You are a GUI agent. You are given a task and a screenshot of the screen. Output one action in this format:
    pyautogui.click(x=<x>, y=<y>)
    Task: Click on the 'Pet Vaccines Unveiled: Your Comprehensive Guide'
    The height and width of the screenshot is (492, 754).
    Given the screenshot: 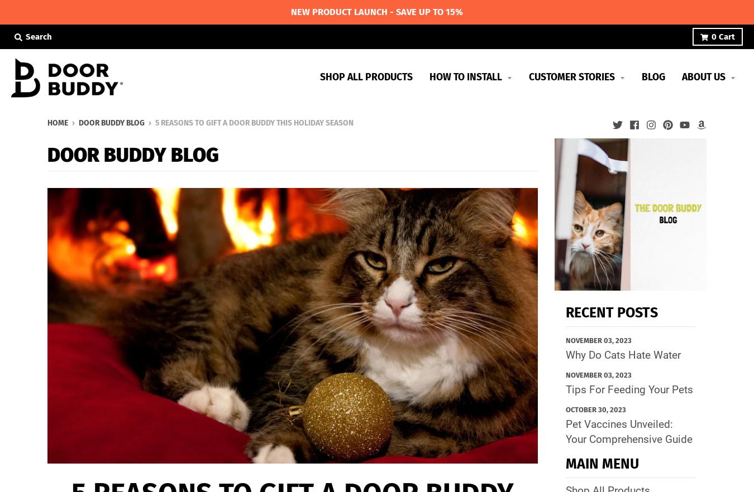 What is the action you would take?
    pyautogui.click(x=628, y=432)
    